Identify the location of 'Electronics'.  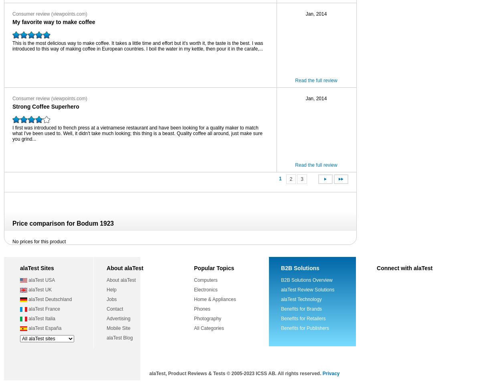
(206, 289).